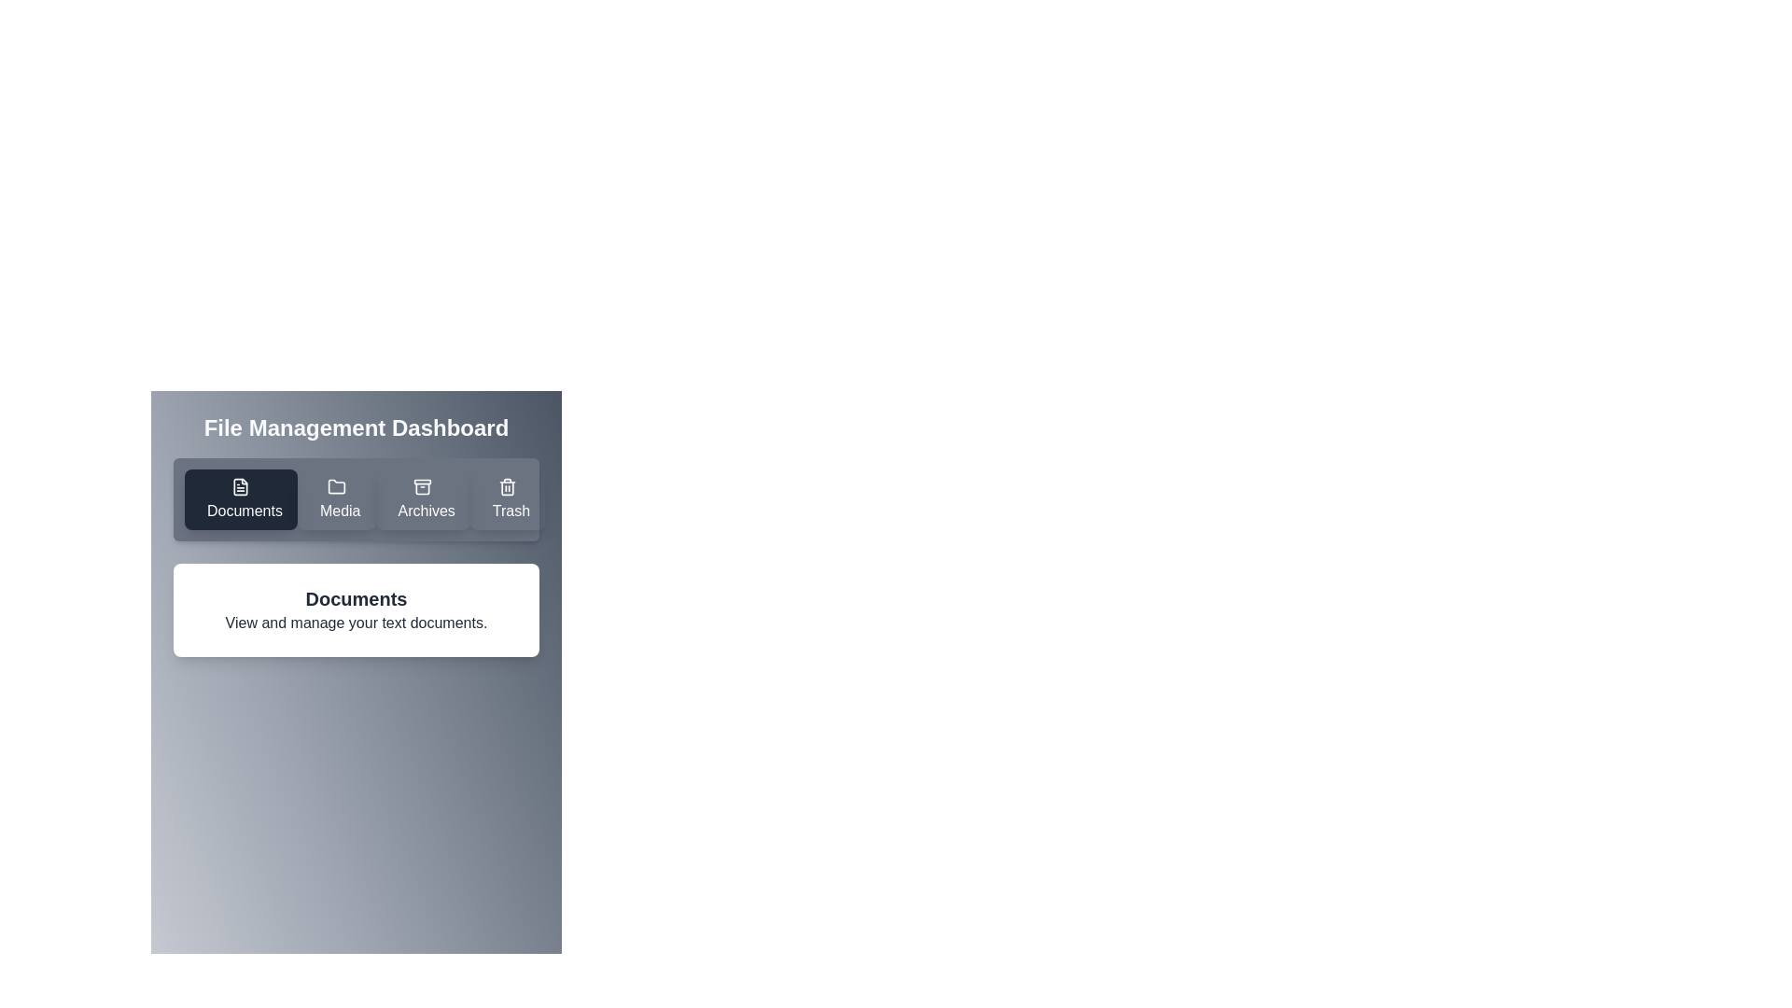 The width and height of the screenshot is (1792, 1008). Describe the element at coordinates (421, 498) in the screenshot. I see `the Archives tab by clicking on its button` at that location.